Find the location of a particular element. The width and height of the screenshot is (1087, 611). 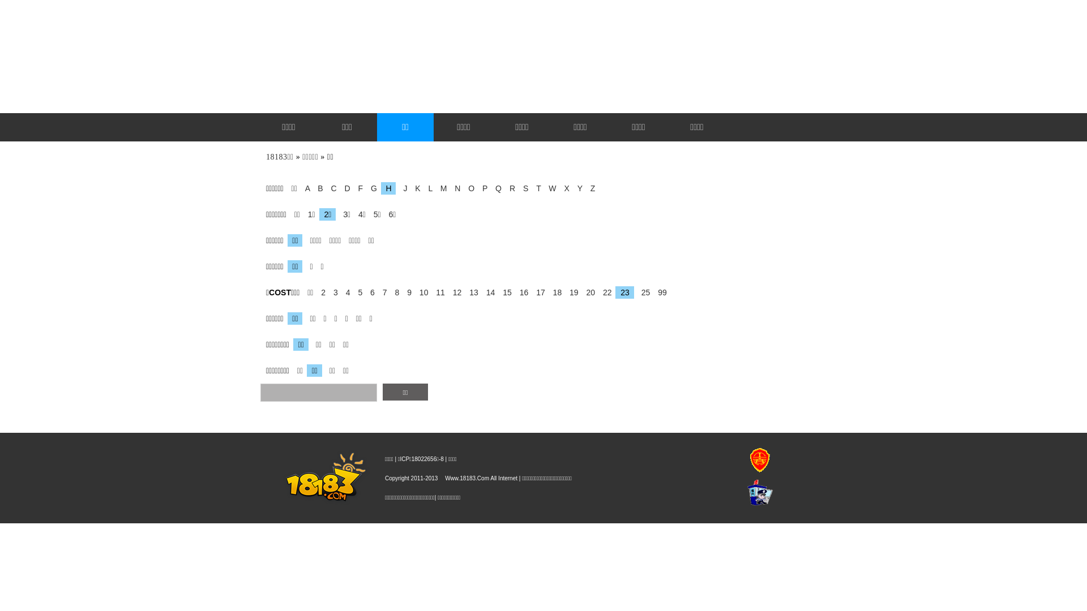

'B' is located at coordinates (312, 187).